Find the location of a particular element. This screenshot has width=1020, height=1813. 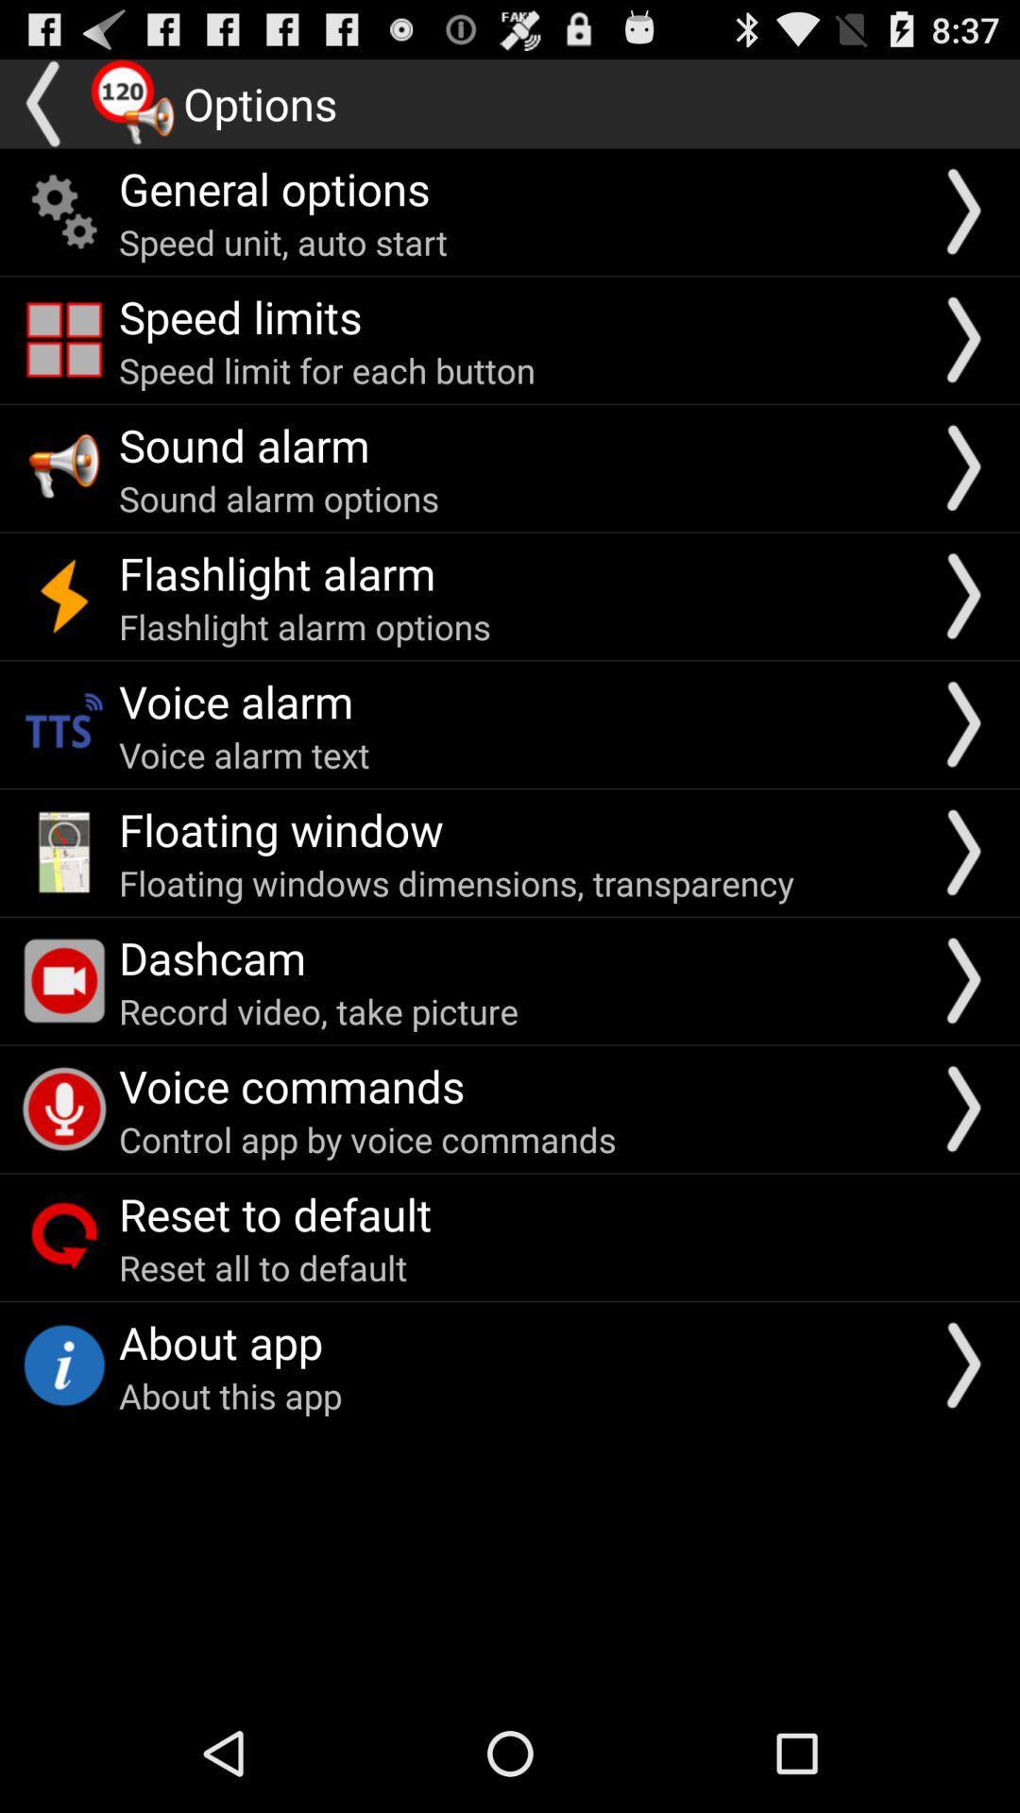

icon above voice commands icon is located at coordinates (317, 1009).